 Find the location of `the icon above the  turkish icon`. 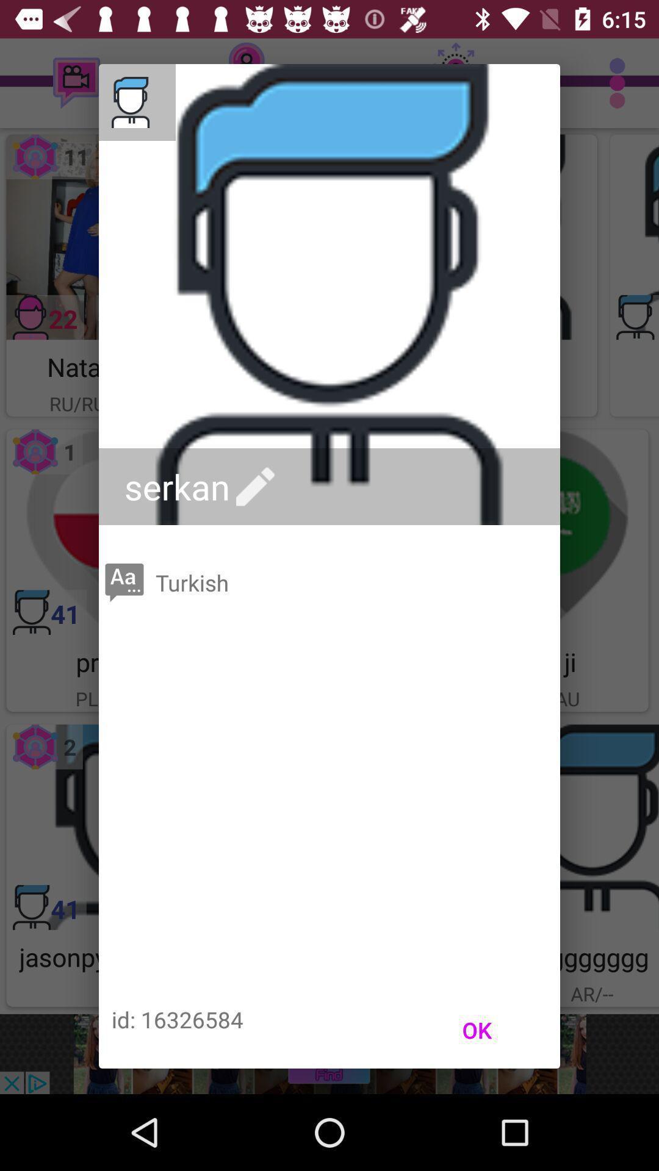

the icon above the  turkish icon is located at coordinates (202, 485).